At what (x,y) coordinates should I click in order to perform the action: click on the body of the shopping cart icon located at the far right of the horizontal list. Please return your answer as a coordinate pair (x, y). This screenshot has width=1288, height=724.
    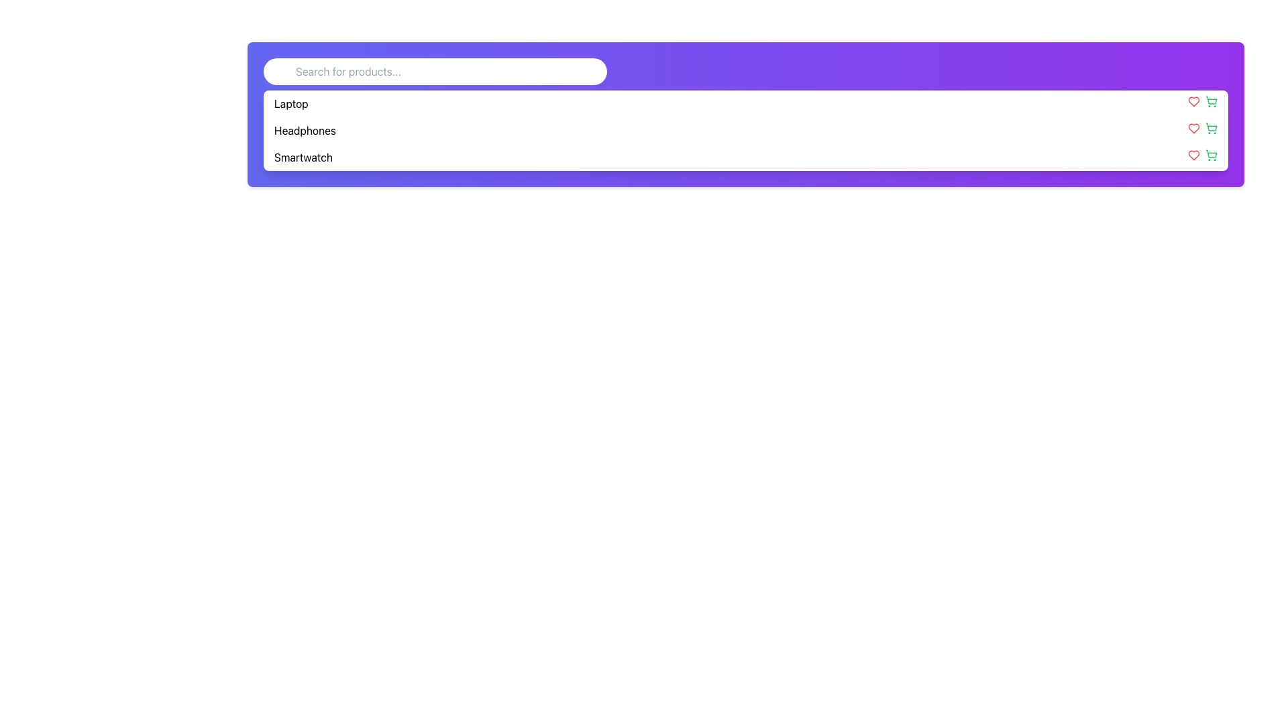
    Looking at the image, I should click on (1212, 99).